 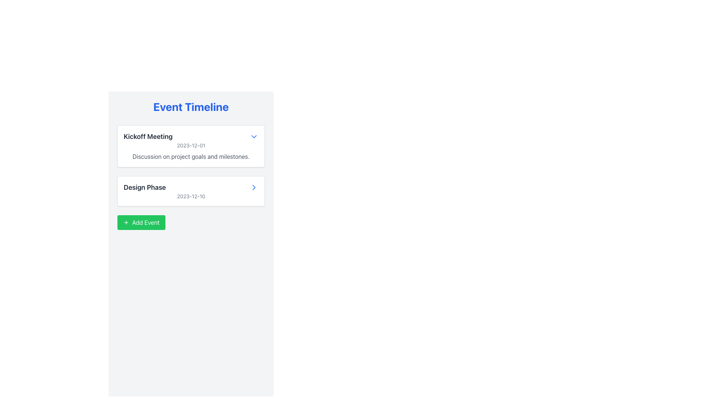 What do you see at coordinates (126, 222) in the screenshot?
I see `the icon representing the action of adding a new event, located within the 'Add Event' button in the lower-left region of the layout` at bounding box center [126, 222].